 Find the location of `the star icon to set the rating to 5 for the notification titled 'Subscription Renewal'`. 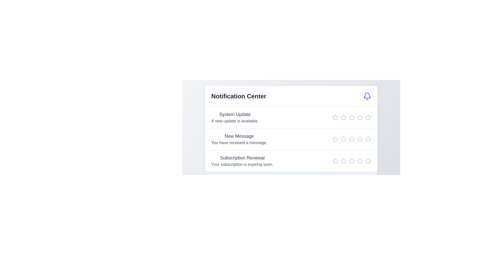

the star icon to set the rating to 5 for the notification titled 'Subscription Renewal' is located at coordinates (368, 160).